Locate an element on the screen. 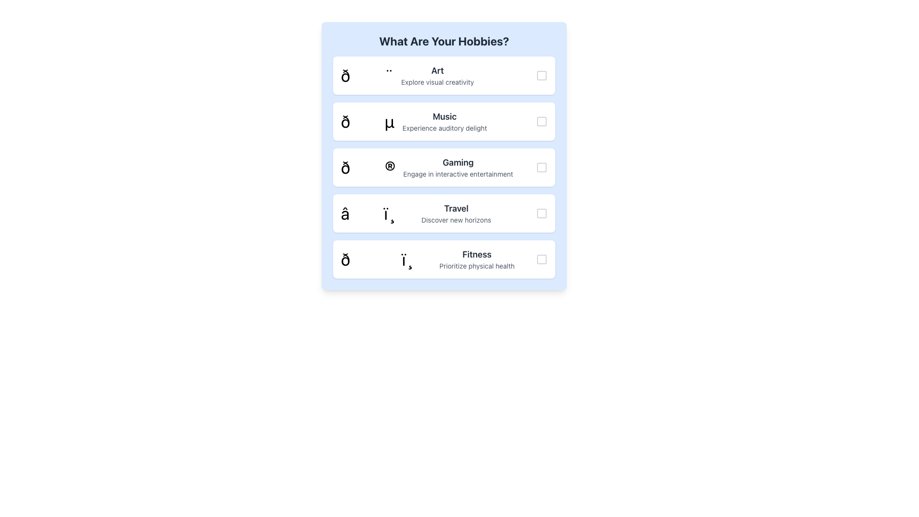  the small square icon located at the far-right end of the row labeled 'Fitness' in the hobby categories list is located at coordinates (542, 259).